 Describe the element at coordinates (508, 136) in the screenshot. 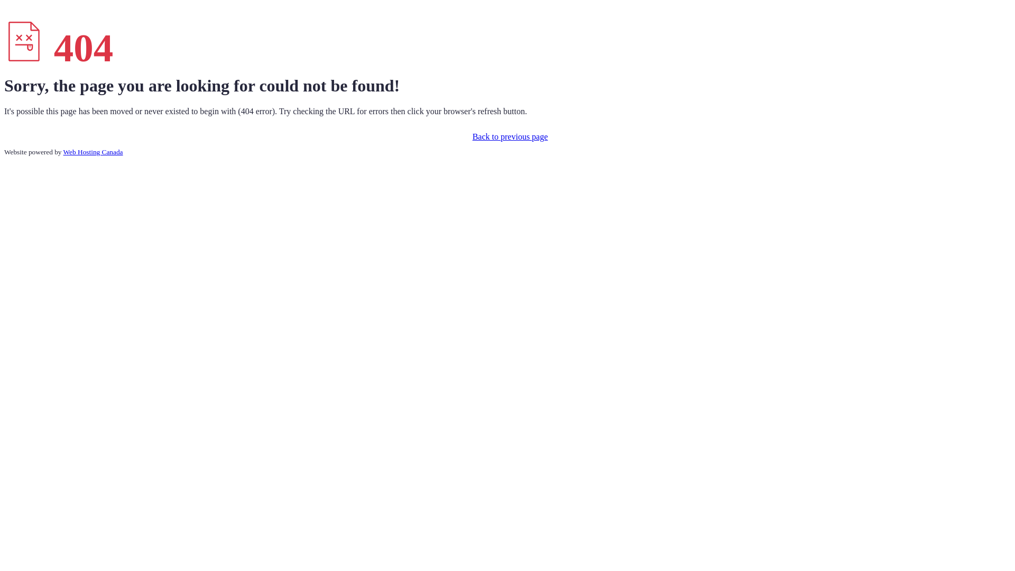

I see `'Back to previous page'` at that location.